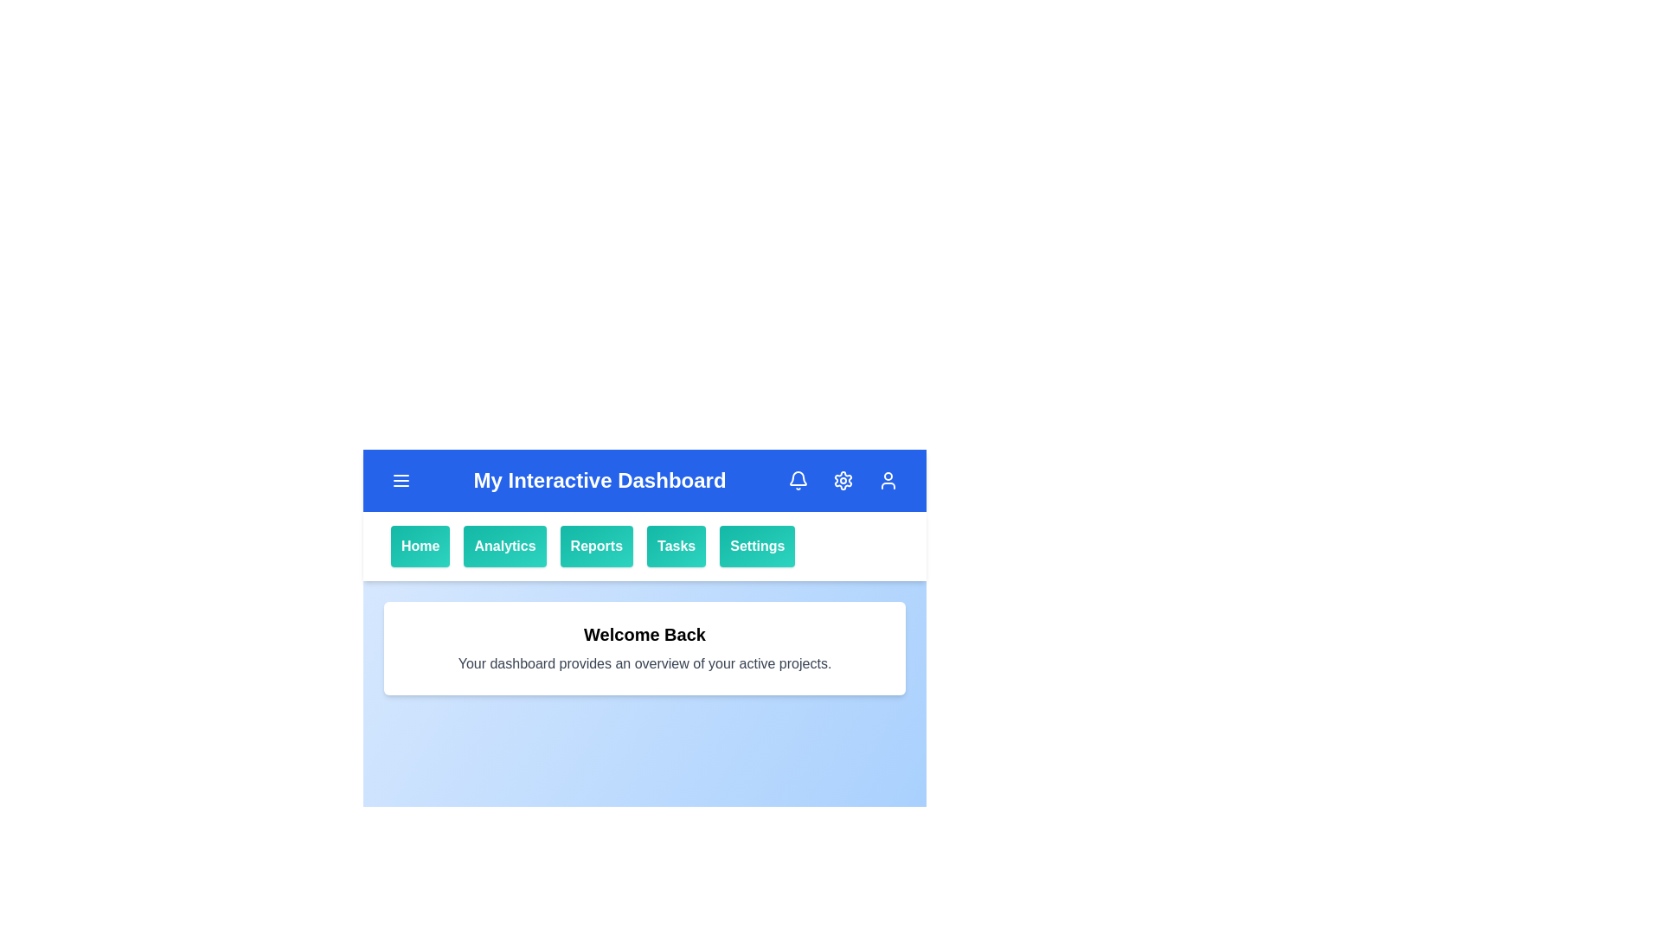 The image size is (1661, 934). I want to click on the Analytics button in the navigation bar, so click(504, 547).